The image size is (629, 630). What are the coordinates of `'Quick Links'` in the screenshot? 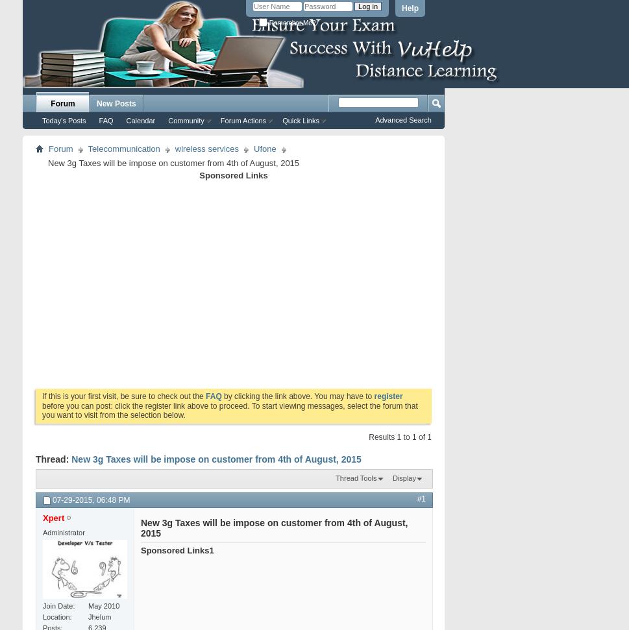 It's located at (281, 120).